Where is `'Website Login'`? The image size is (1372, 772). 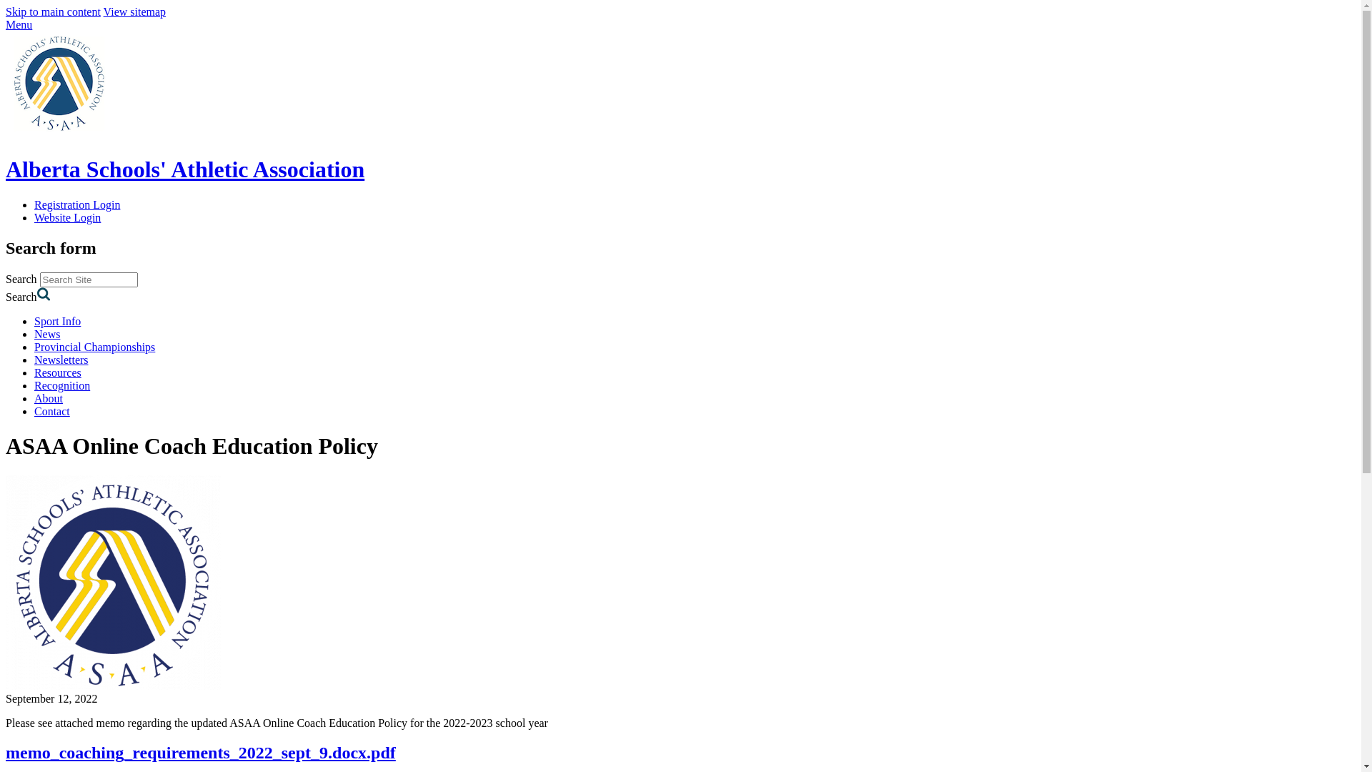 'Website Login' is located at coordinates (66, 217).